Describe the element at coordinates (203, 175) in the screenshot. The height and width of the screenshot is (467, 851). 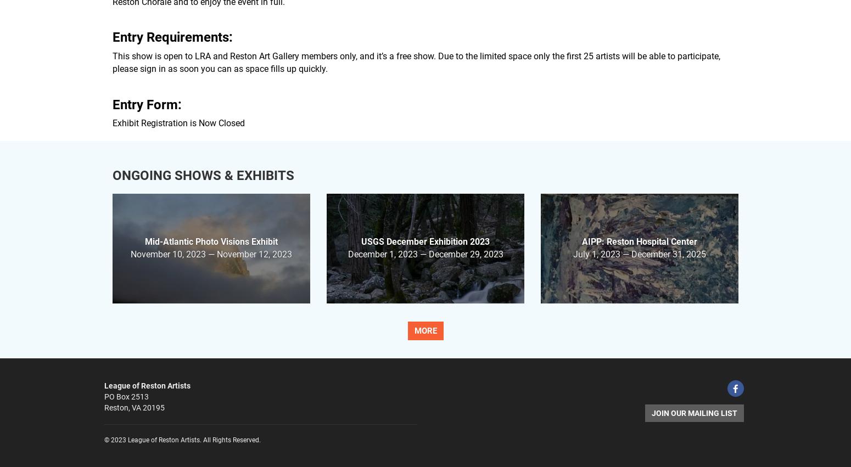
I see `'Ongoing Shows & Exhibits'` at that location.